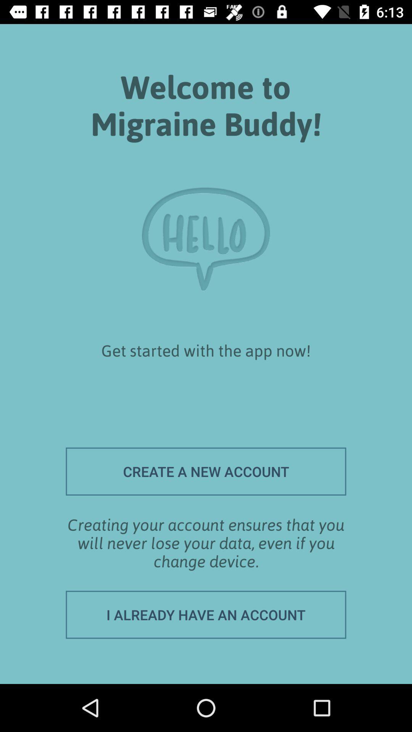  I want to click on the i already have, so click(206, 615).